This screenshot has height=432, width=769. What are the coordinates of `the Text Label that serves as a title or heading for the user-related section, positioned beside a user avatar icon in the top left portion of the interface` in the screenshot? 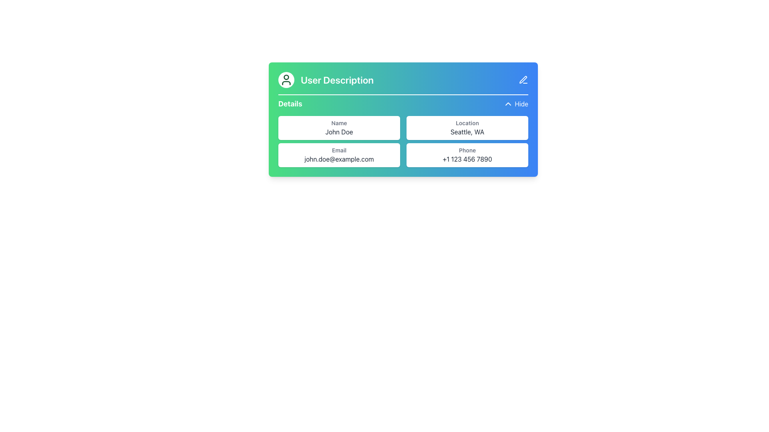 It's located at (337, 80).